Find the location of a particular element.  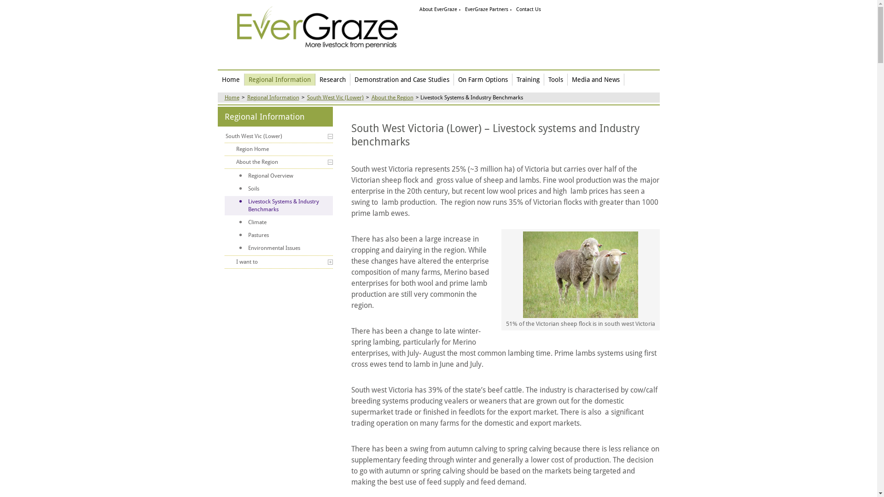

'Environmental Issues' is located at coordinates (278, 248).